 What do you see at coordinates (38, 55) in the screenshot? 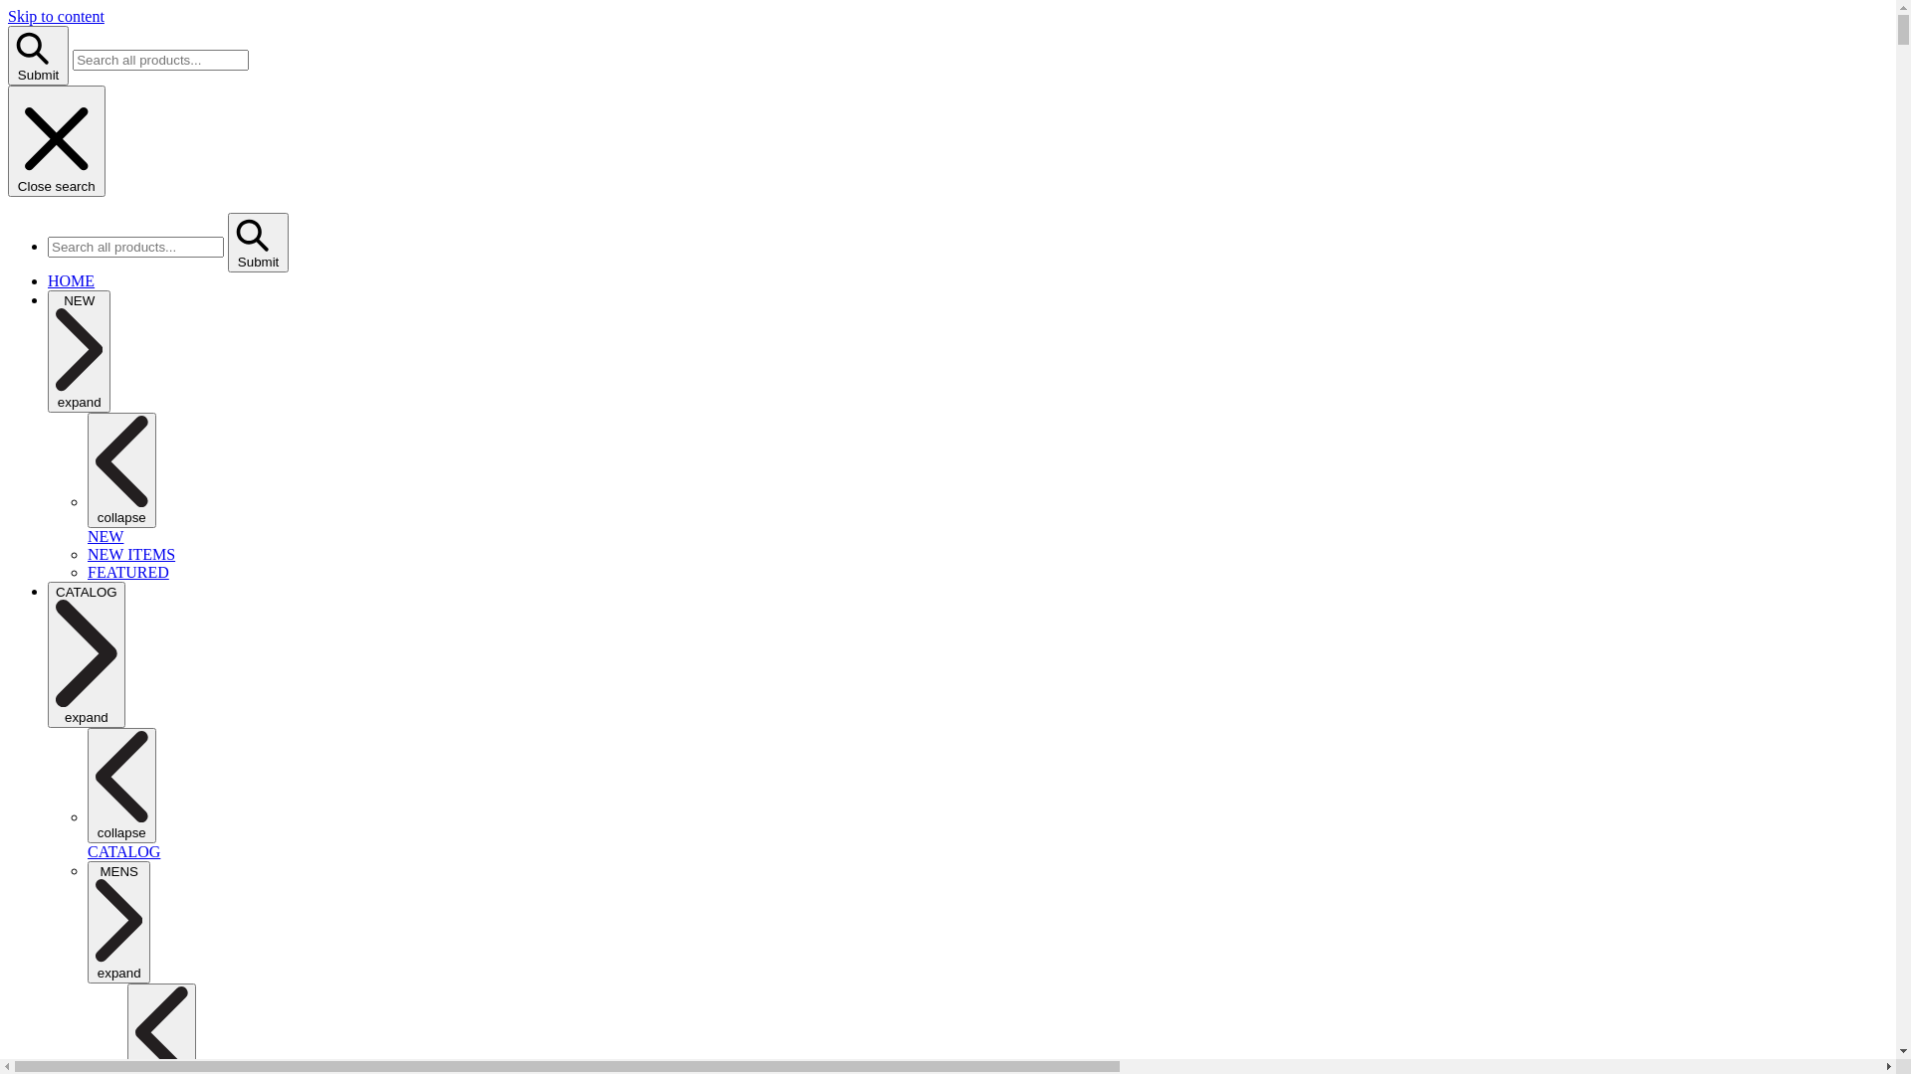
I see `'Submit'` at bounding box center [38, 55].